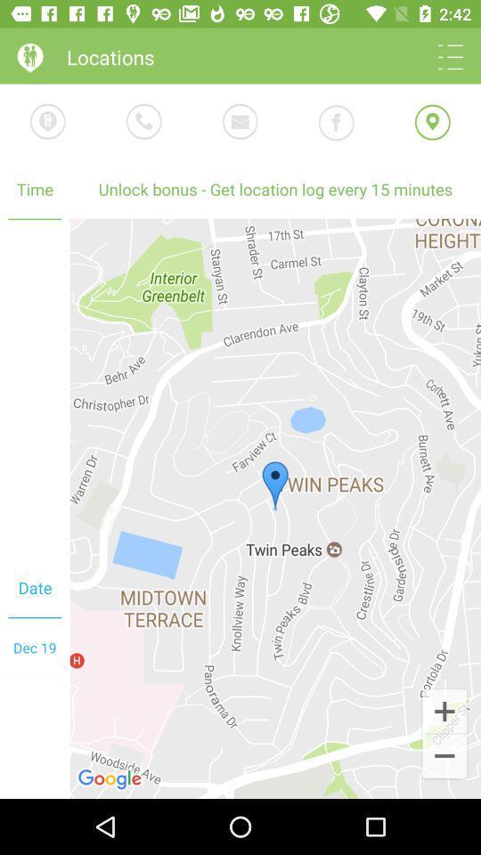 The width and height of the screenshot is (481, 855). I want to click on the app next to the time app, so click(275, 189).